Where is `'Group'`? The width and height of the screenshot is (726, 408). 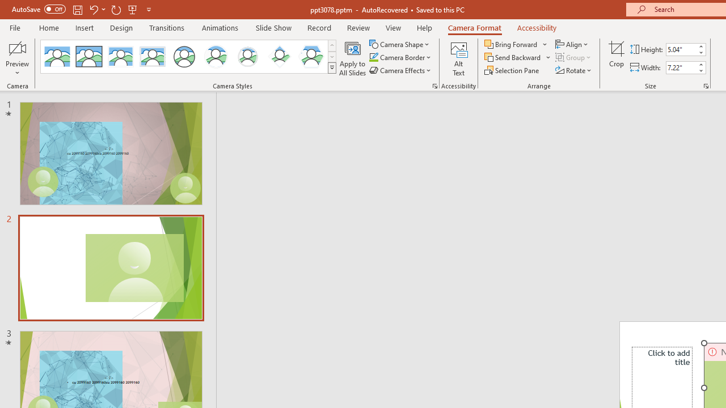
'Group' is located at coordinates (574, 57).